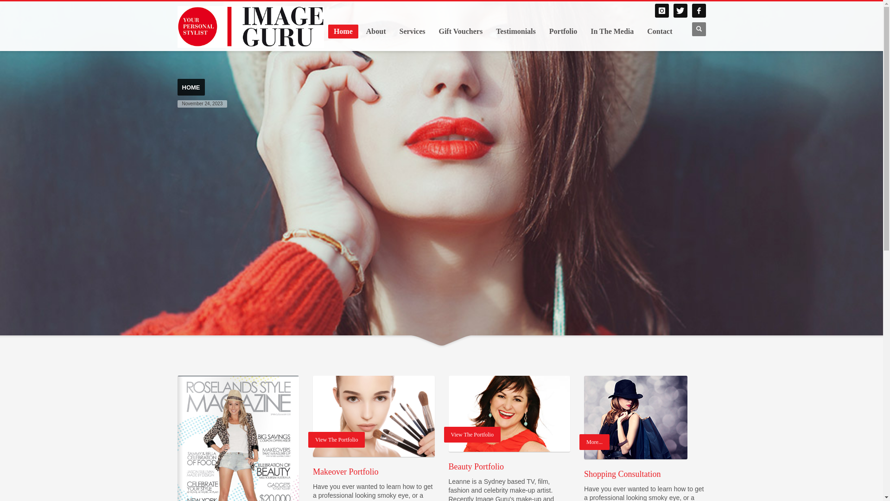 The image size is (890, 501). I want to click on 'Shopping Consultation', so click(583, 417).